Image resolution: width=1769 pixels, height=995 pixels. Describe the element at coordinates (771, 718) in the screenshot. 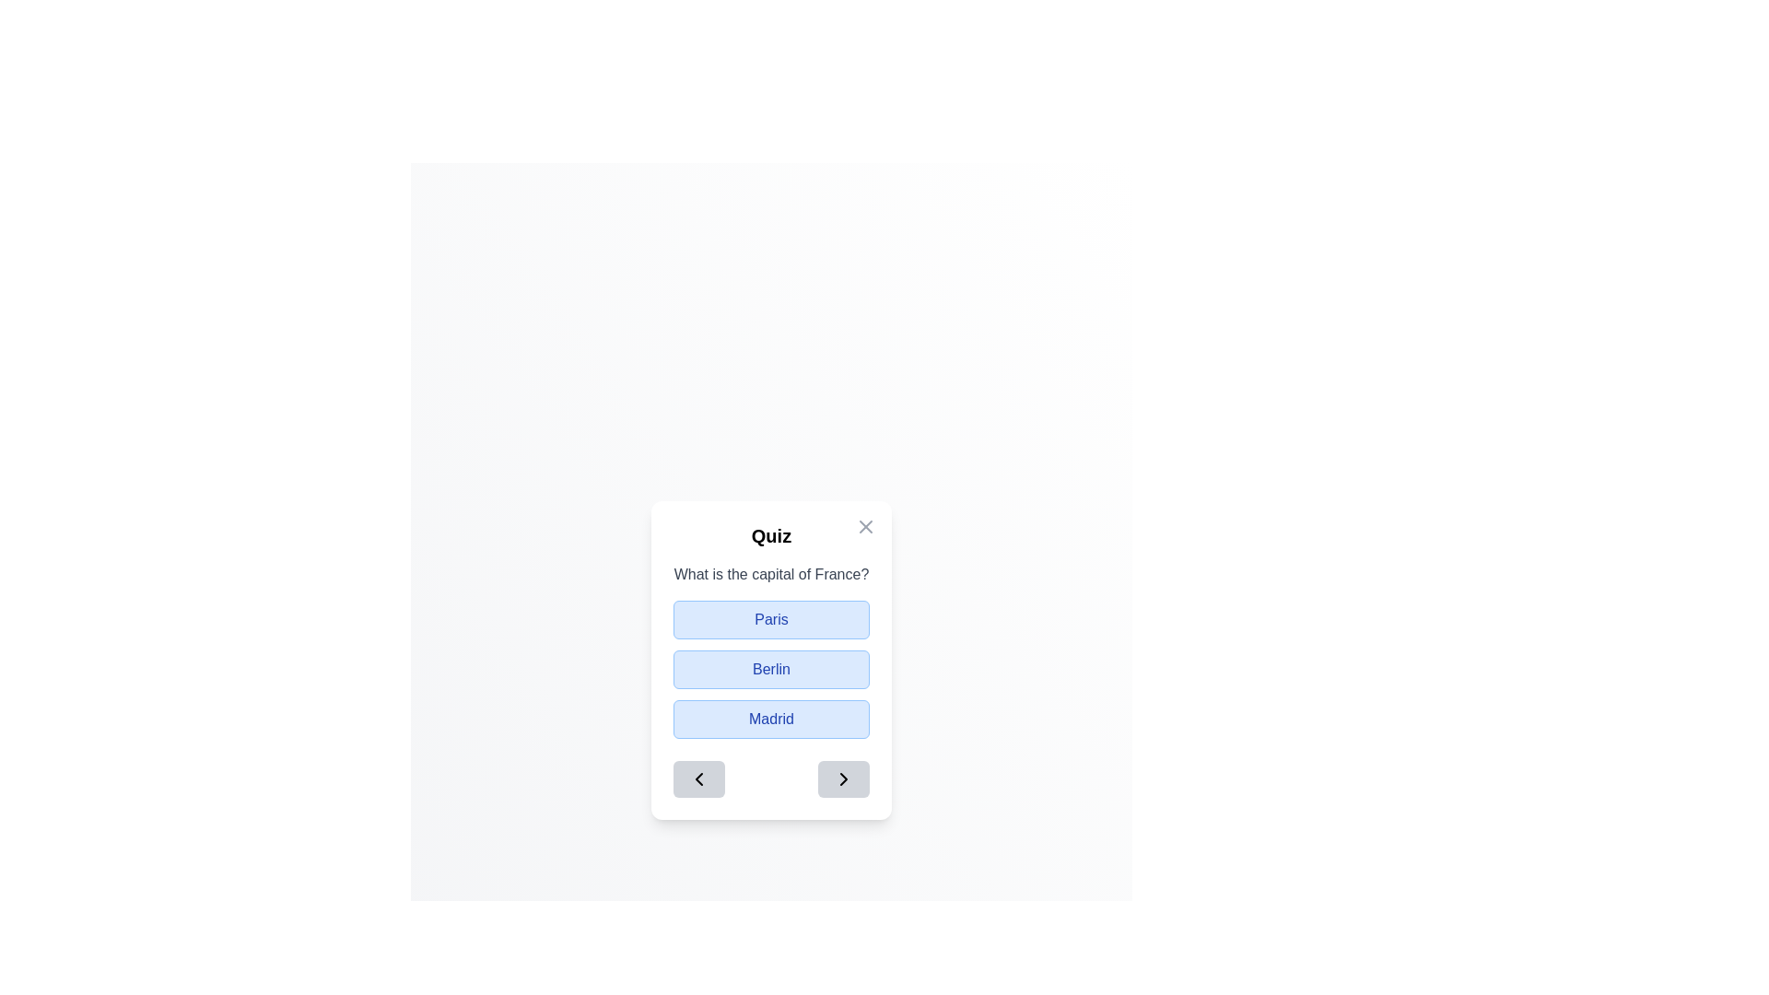

I see `the 'Madrid' button, which is the third button in a vertical list of buttons with a blue background and rounded corners` at that location.